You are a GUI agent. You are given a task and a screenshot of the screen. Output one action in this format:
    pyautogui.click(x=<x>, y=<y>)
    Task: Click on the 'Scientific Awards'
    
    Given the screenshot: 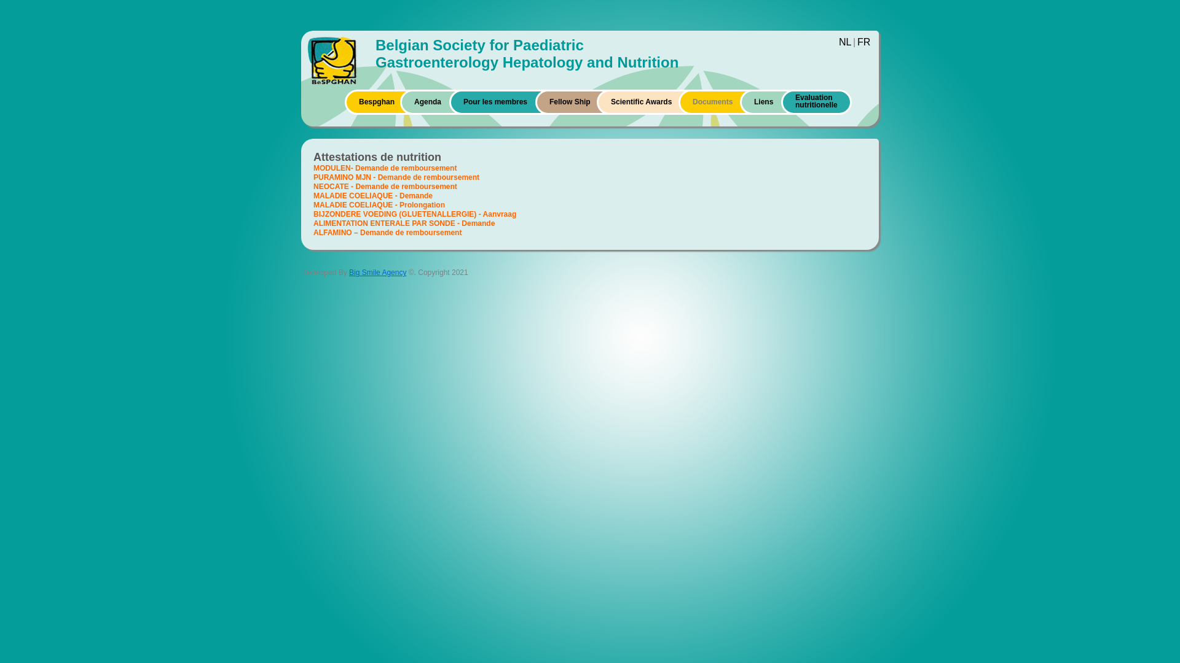 What is the action you would take?
    pyautogui.click(x=610, y=101)
    